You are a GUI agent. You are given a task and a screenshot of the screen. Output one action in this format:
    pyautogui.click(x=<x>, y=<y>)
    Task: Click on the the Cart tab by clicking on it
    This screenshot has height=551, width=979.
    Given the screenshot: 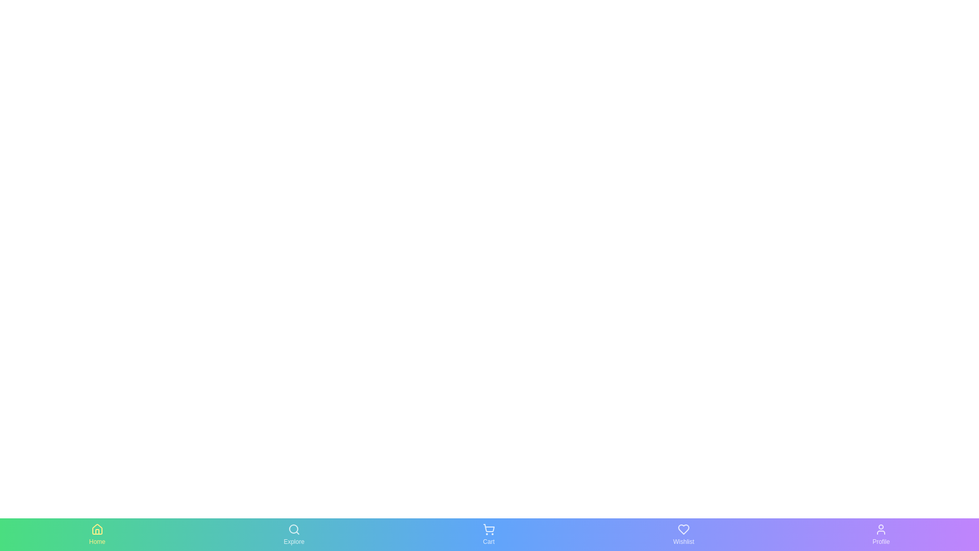 What is the action you would take?
    pyautogui.click(x=488, y=534)
    